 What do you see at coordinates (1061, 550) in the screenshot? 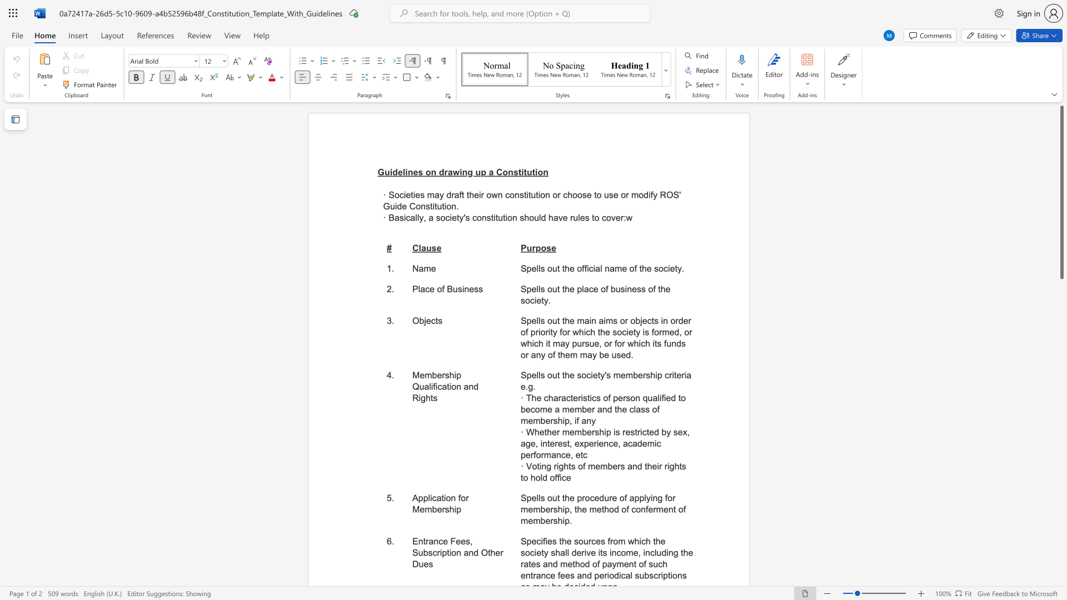
I see `the scrollbar to scroll the page down` at bounding box center [1061, 550].